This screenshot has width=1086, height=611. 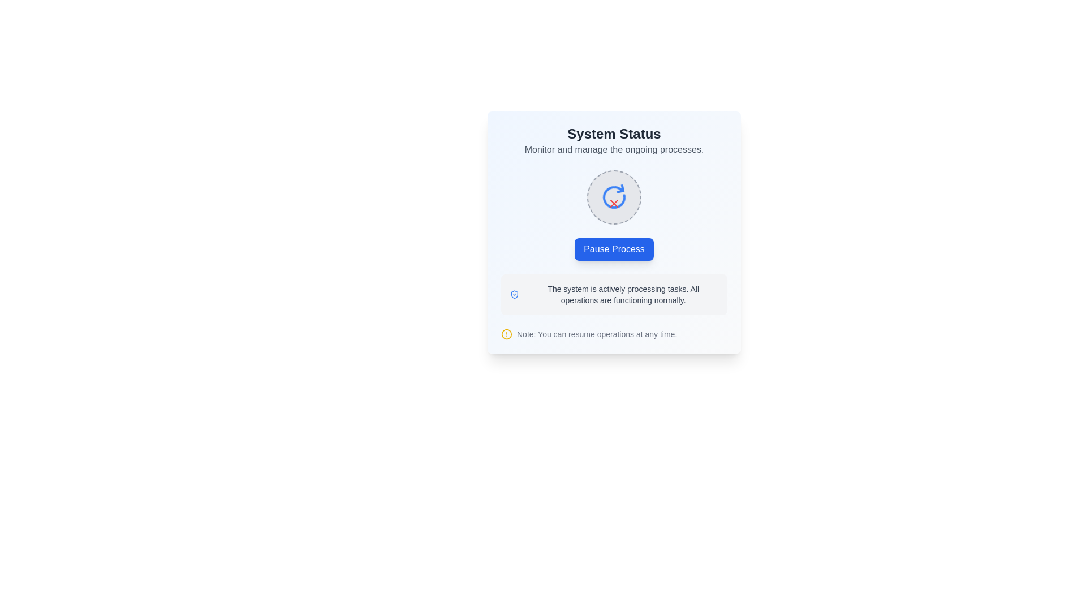 What do you see at coordinates (623, 294) in the screenshot?
I see `the text label displaying the message 'The system is actively processing tasks. All operations are functioning normally.' to potentially trigger a tooltip` at bounding box center [623, 294].